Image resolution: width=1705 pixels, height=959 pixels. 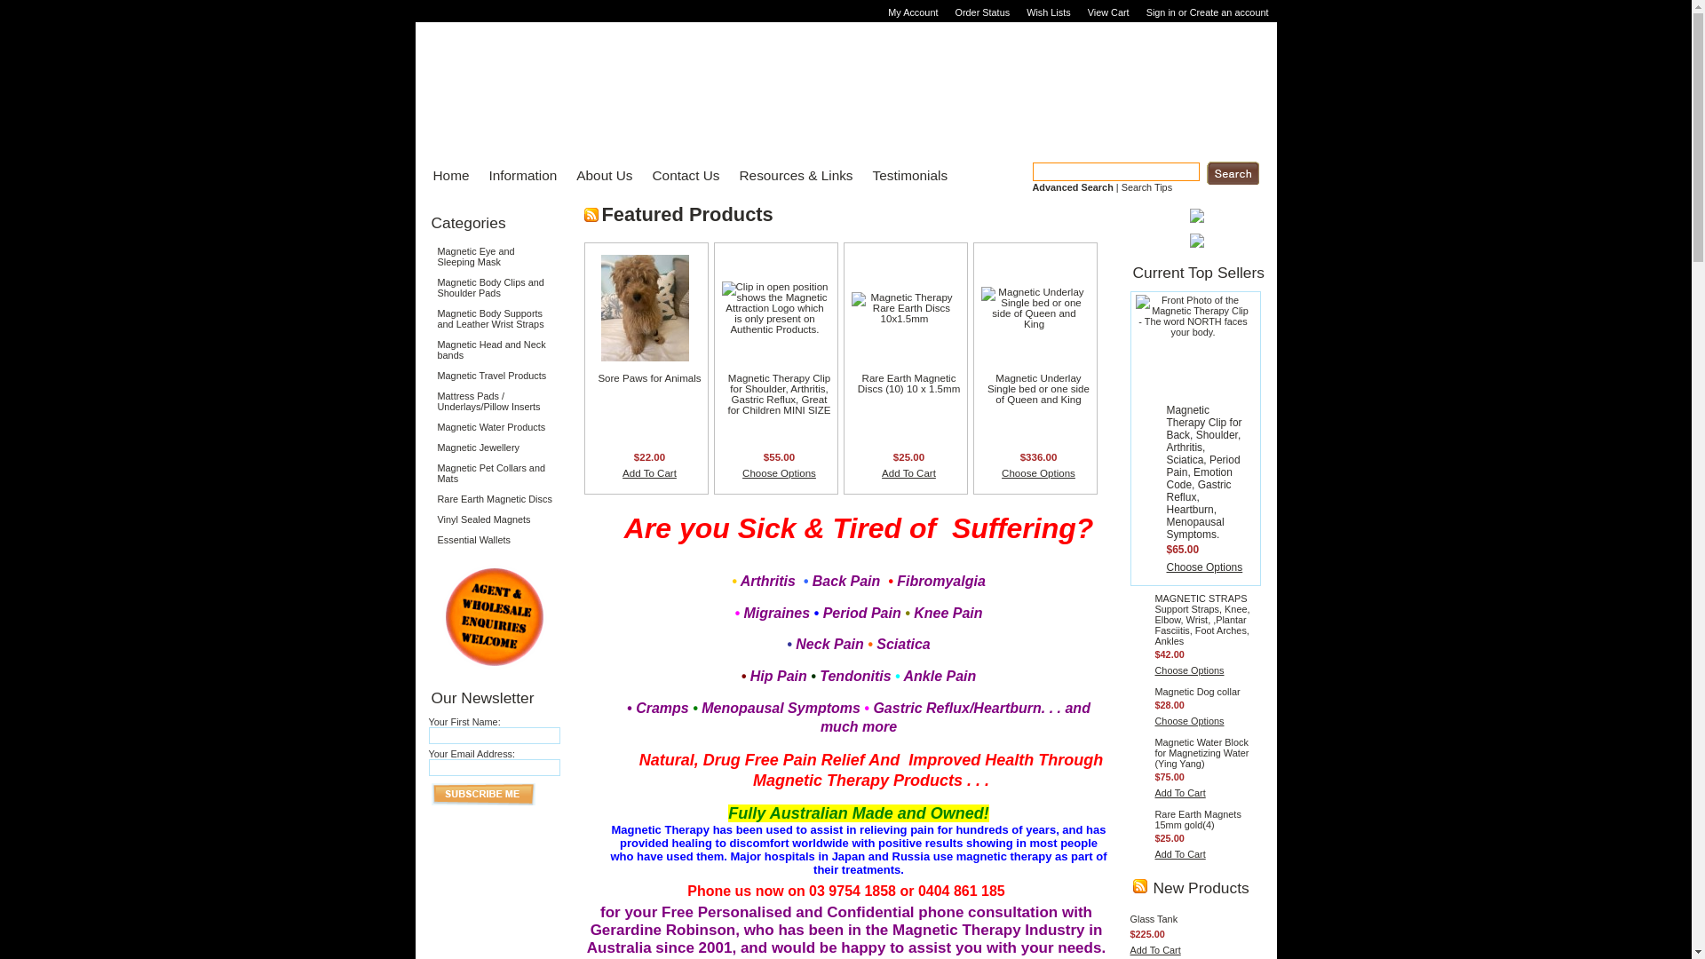 I want to click on 'Home', so click(x=446, y=175).